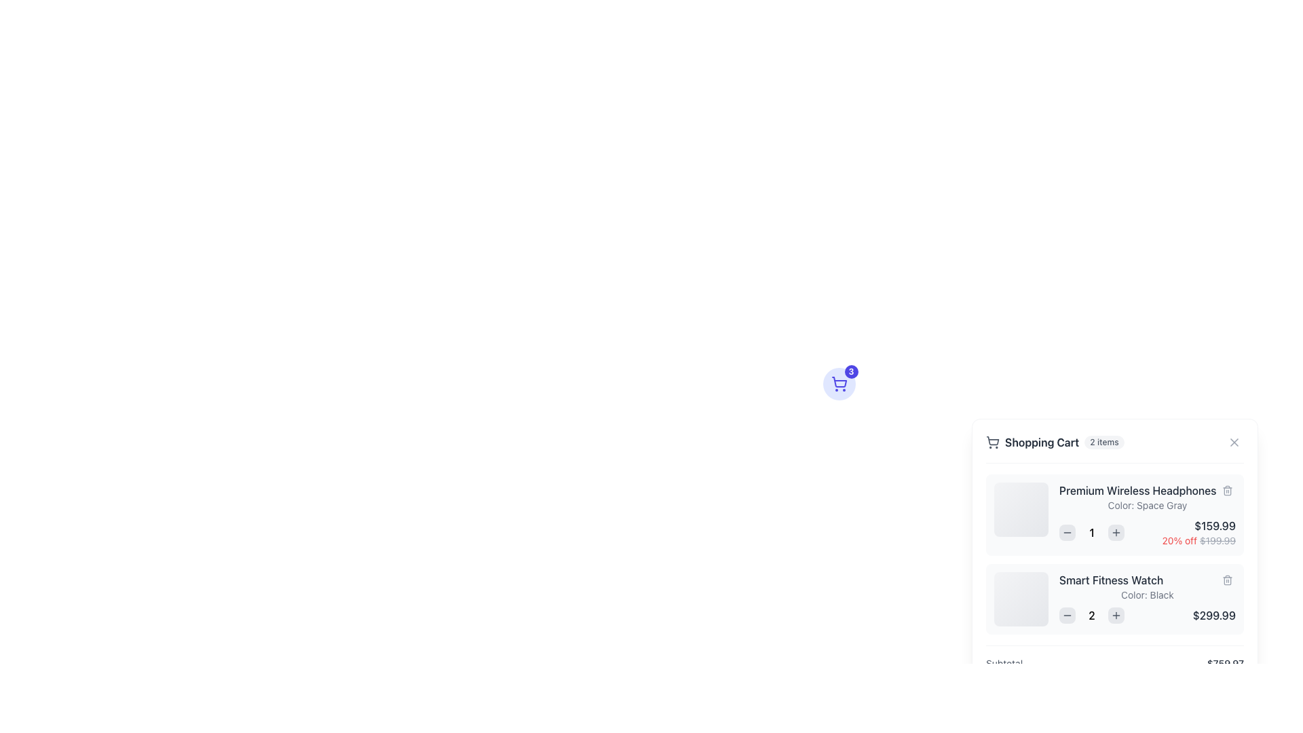 The height and width of the screenshot is (733, 1303). Describe the element at coordinates (1116, 532) in the screenshot. I see `the small rounded square button with a gray background and a plus icon to increment the count, positioned immediately to the right of the displayed number '1'` at that location.